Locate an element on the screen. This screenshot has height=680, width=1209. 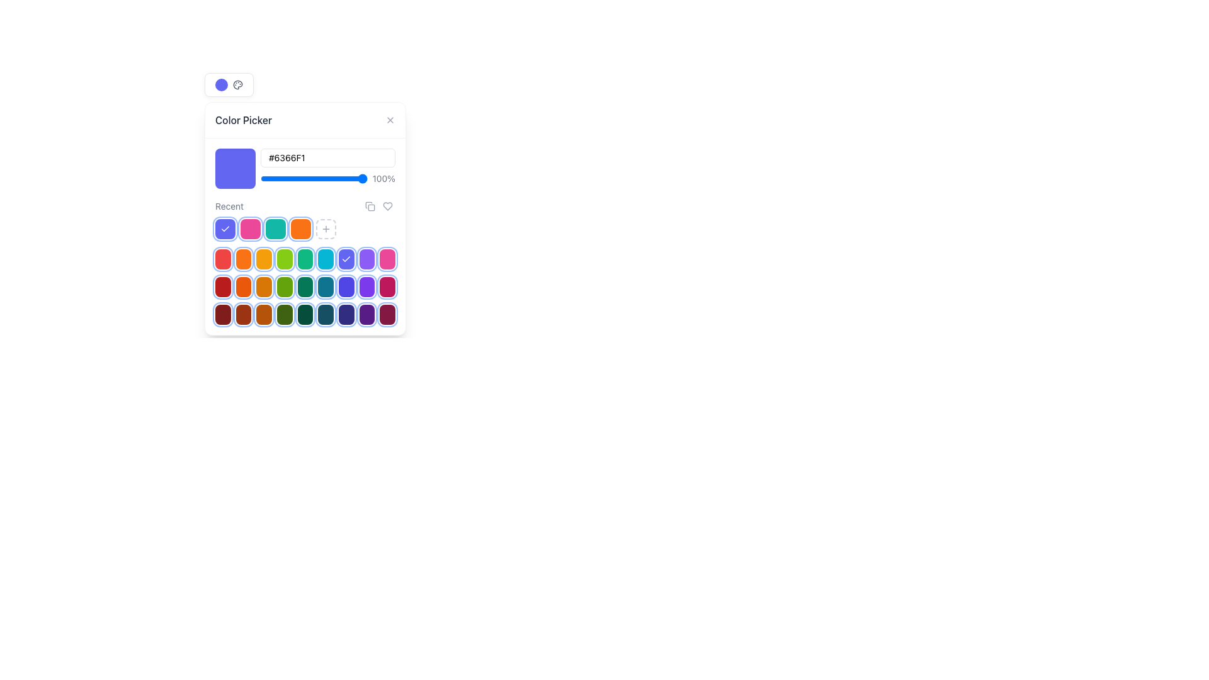
the vibrant pink color button located at the bottom-right of the color picker interface to potentially open a context menu is located at coordinates (387, 286).